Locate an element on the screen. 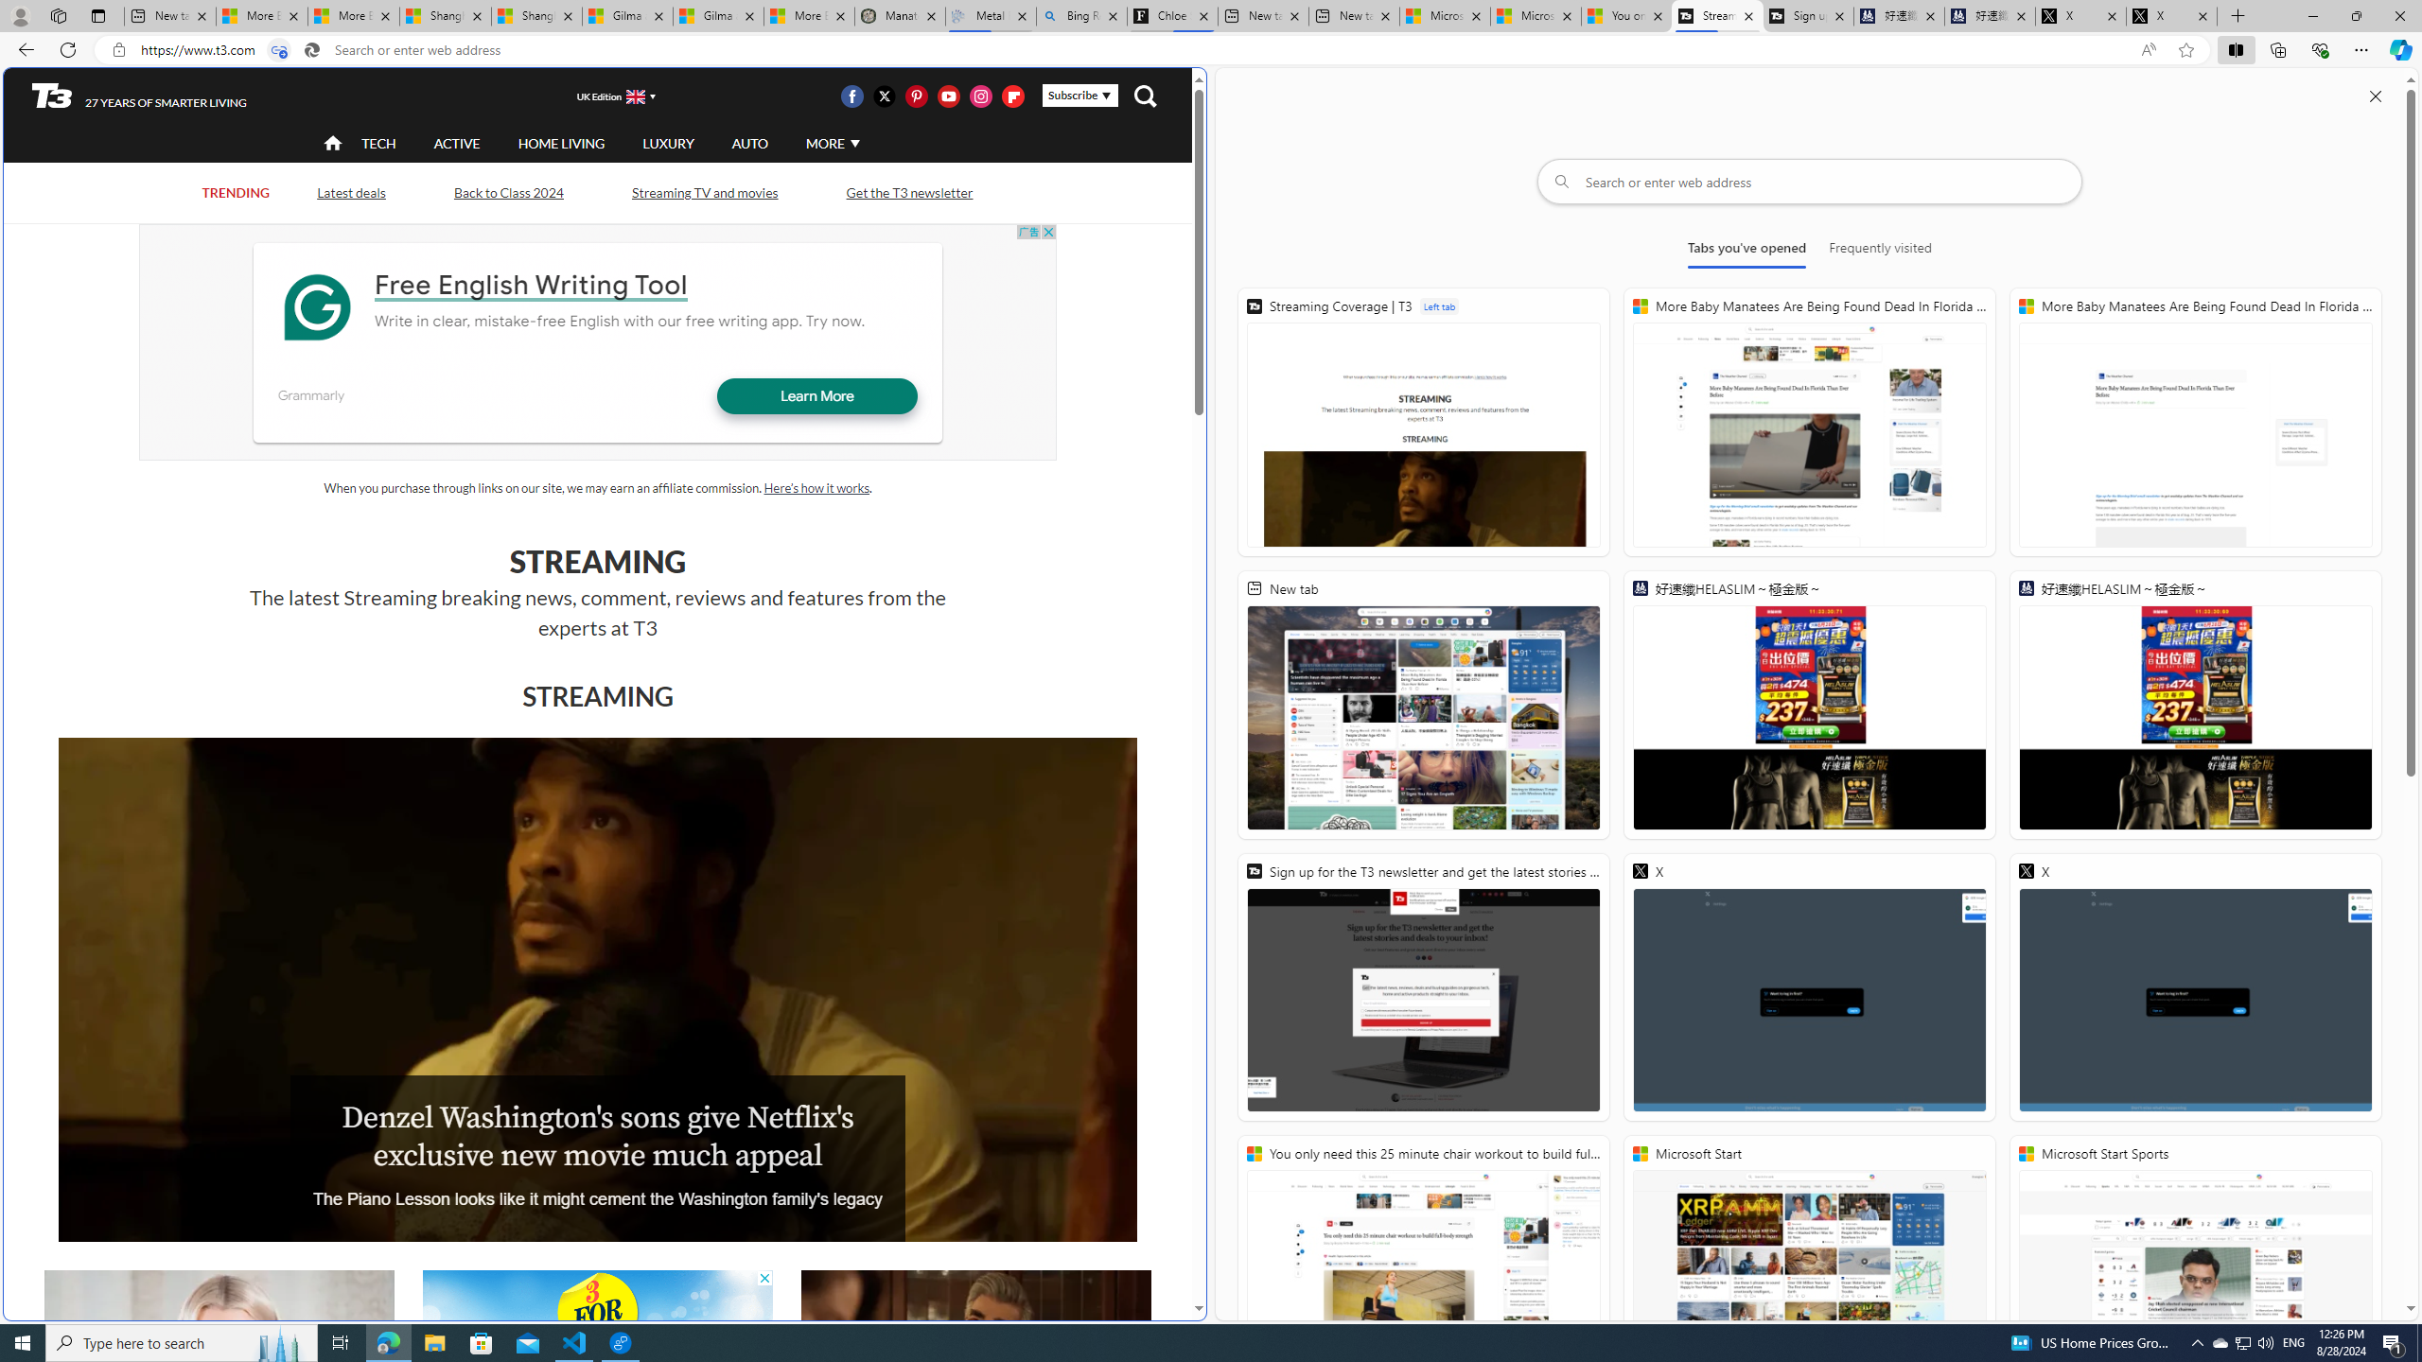 This screenshot has width=2422, height=1362. 'Class: navigation__search' is located at coordinates (1145, 95).